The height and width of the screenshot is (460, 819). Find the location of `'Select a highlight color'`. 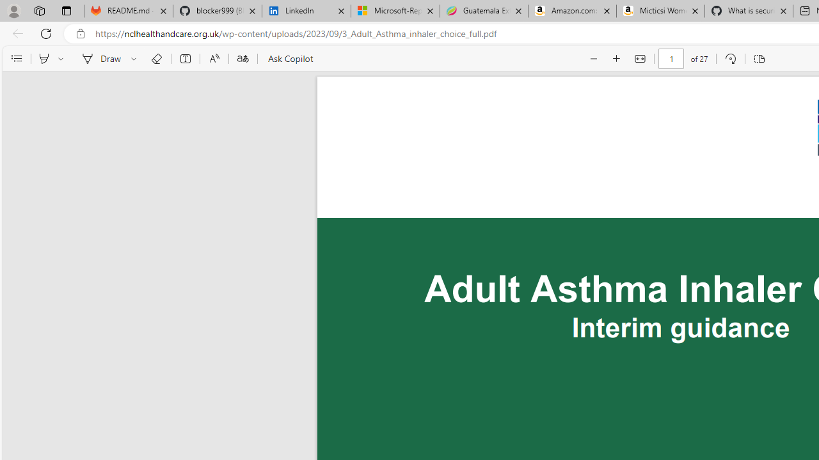

'Select a highlight color' is located at coordinates (62, 59).